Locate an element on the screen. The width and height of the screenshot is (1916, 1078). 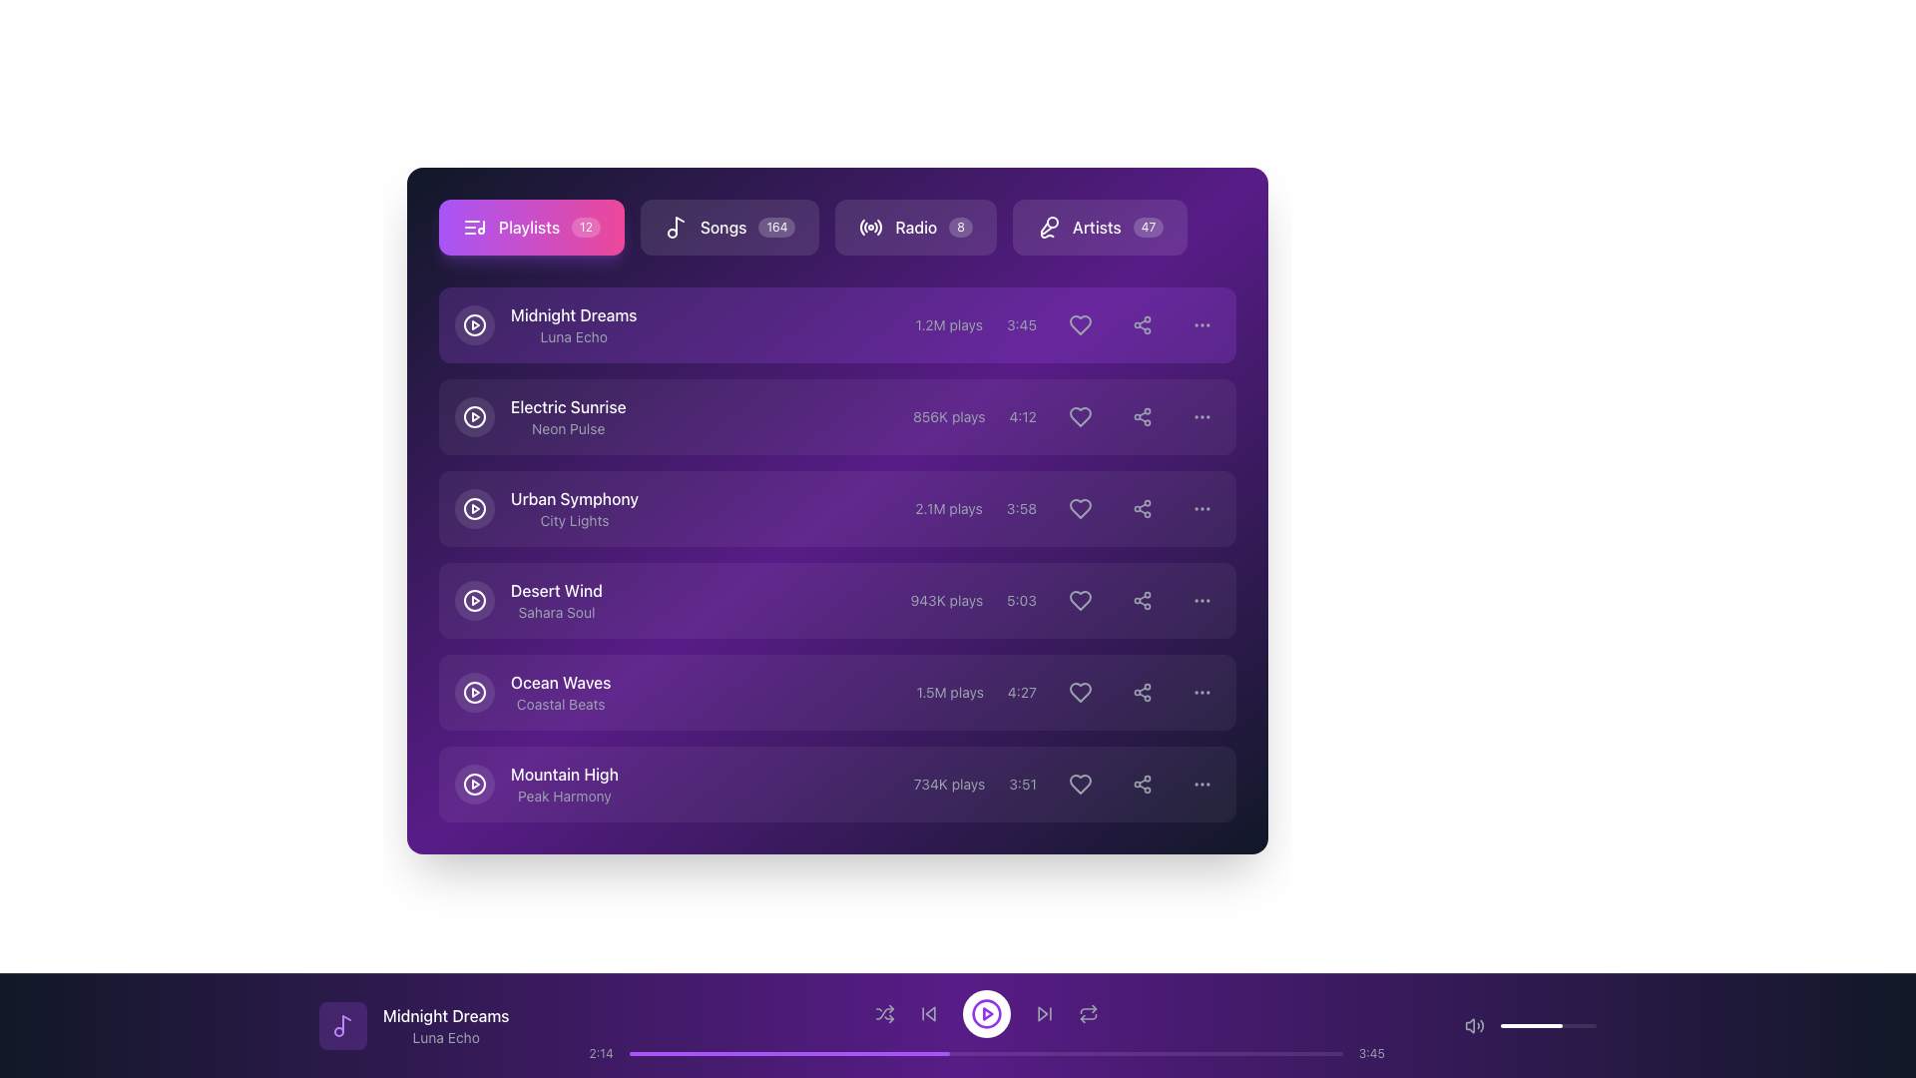
the circular button with a white background and purple play icon is located at coordinates (987, 1013).